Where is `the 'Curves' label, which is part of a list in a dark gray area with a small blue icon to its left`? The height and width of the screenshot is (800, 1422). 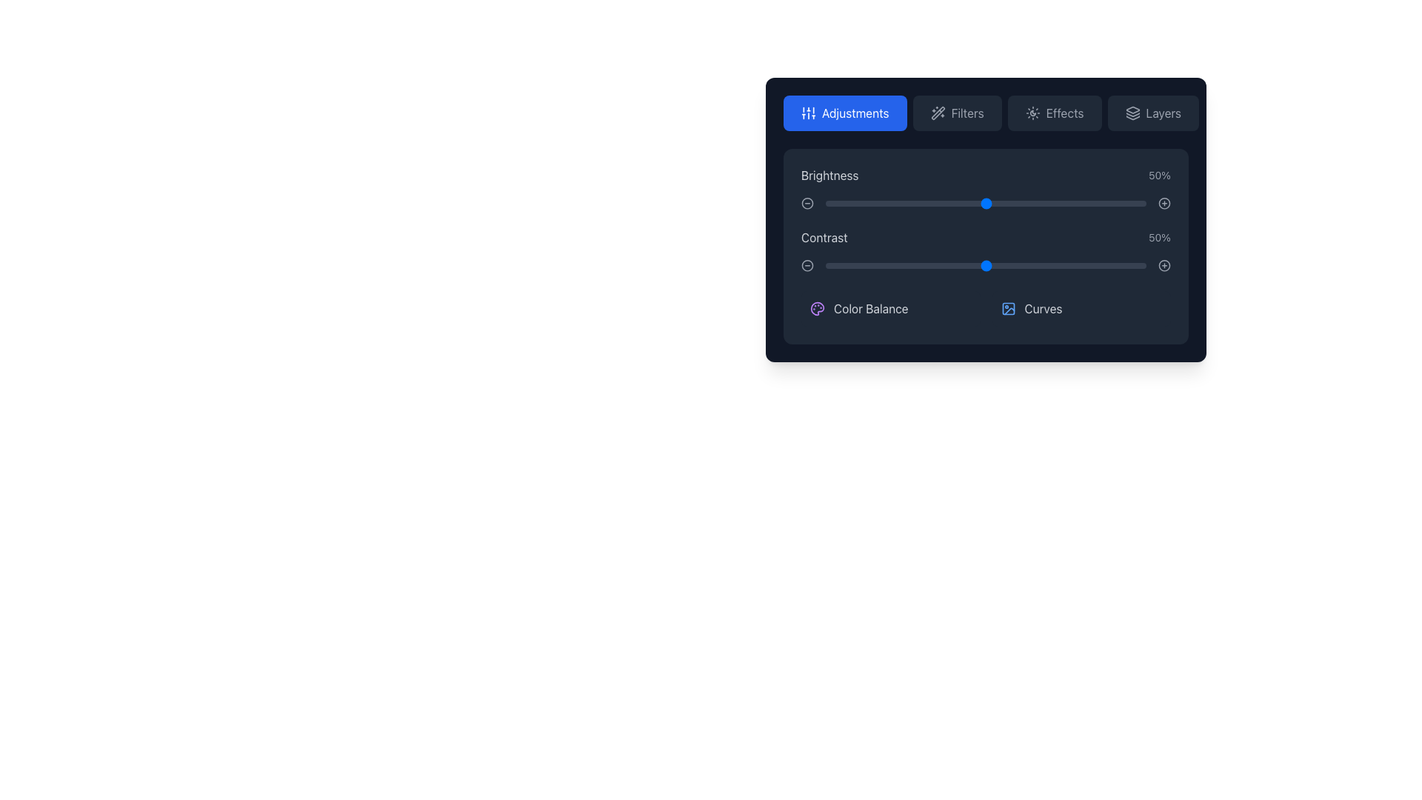
the 'Curves' label, which is part of a list in a dark gray area with a small blue icon to its left is located at coordinates (1042, 307).